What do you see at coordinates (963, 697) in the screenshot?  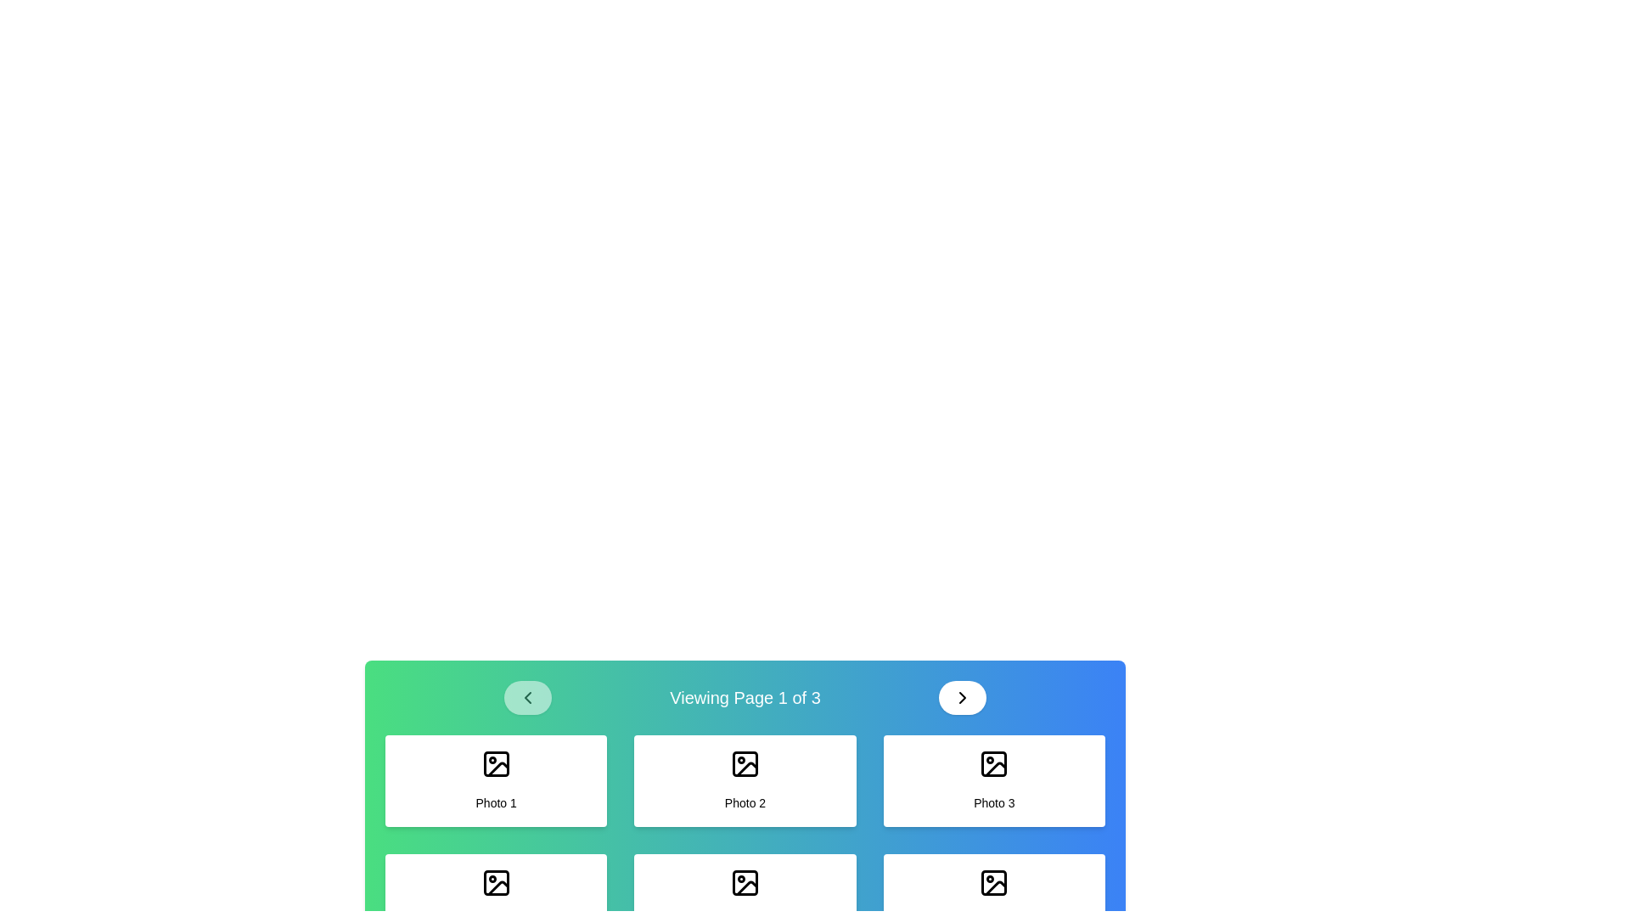 I see `the chevron icon embedded in the navigation button located at the upper right side of the interface for navigation to the next page or section` at bounding box center [963, 697].